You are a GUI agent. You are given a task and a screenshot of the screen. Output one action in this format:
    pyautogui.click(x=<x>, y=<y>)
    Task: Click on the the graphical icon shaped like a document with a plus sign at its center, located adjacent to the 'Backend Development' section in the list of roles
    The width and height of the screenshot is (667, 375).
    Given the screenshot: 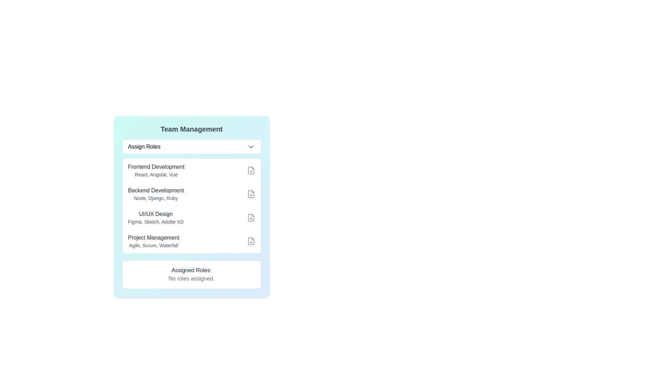 What is the action you would take?
    pyautogui.click(x=250, y=194)
    